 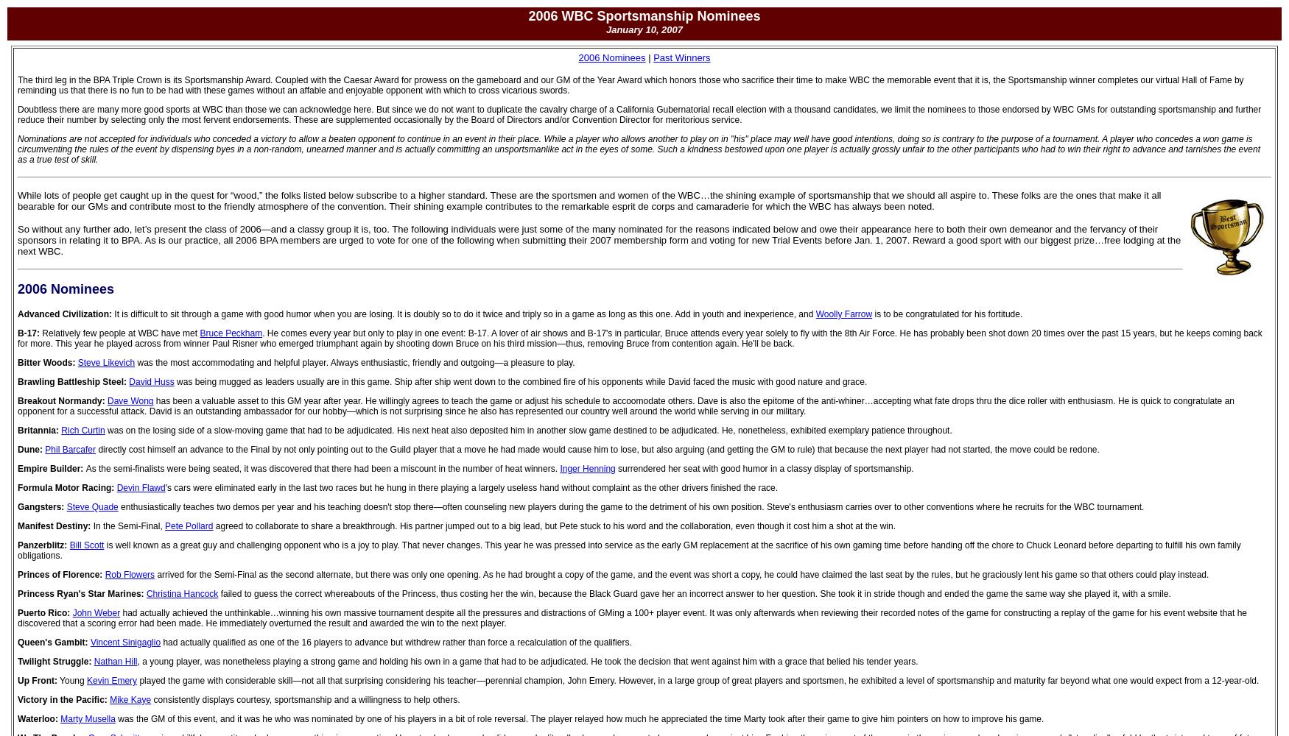 I want to click on 'Breakout Normandy:', so click(x=16, y=401).